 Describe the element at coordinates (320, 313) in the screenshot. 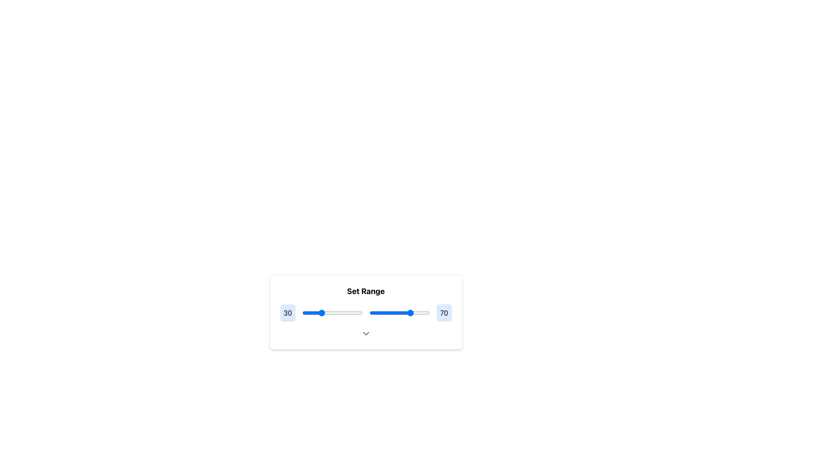

I see `the start value of the range slider` at that location.